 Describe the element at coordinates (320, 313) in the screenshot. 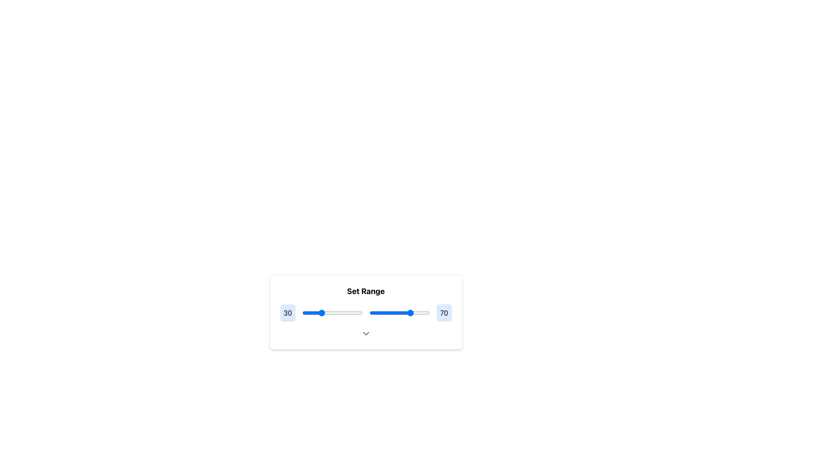

I see `the start value of the range slider` at that location.